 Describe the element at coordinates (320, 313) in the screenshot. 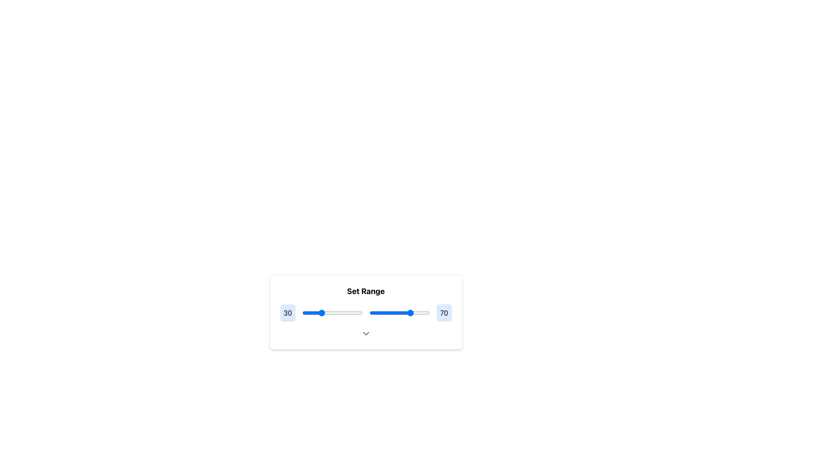

I see `the start value of the range slider` at that location.